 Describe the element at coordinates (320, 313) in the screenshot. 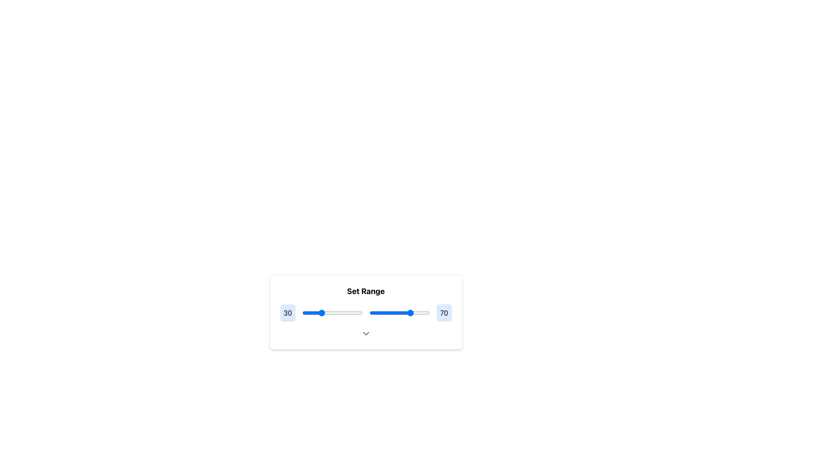

I see `the start value of the range slider` at that location.